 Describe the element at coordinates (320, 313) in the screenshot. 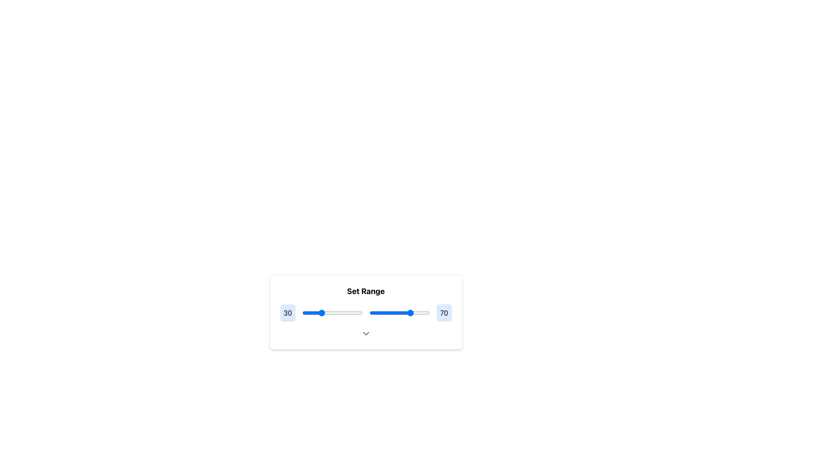

I see `the start value of the range slider` at that location.